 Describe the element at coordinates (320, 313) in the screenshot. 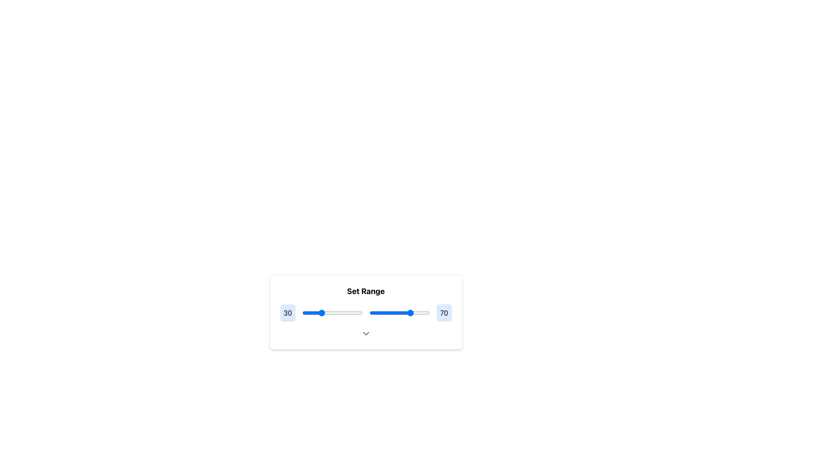

I see `the start value of the range slider` at that location.